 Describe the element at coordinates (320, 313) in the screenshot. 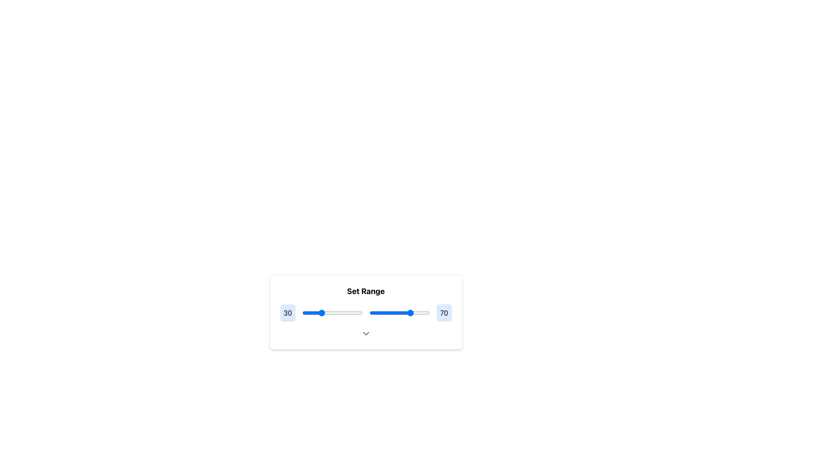

I see `the start value of the range slider` at that location.